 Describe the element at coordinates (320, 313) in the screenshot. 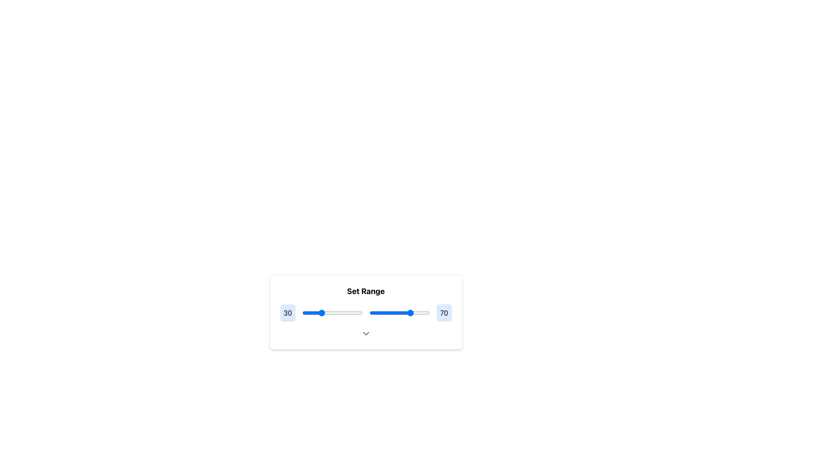

I see `the start value of the range slider` at that location.